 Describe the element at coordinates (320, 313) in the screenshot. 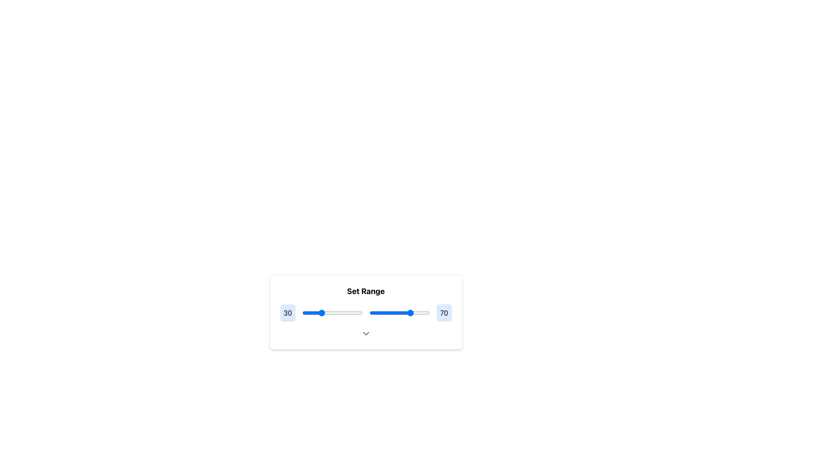

I see `the start value of the range slider` at that location.